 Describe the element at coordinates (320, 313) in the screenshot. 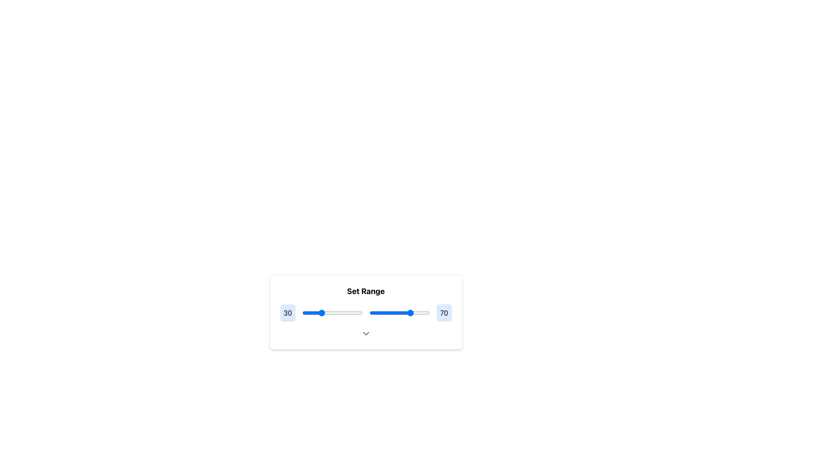

I see `the start value of the range slider` at that location.